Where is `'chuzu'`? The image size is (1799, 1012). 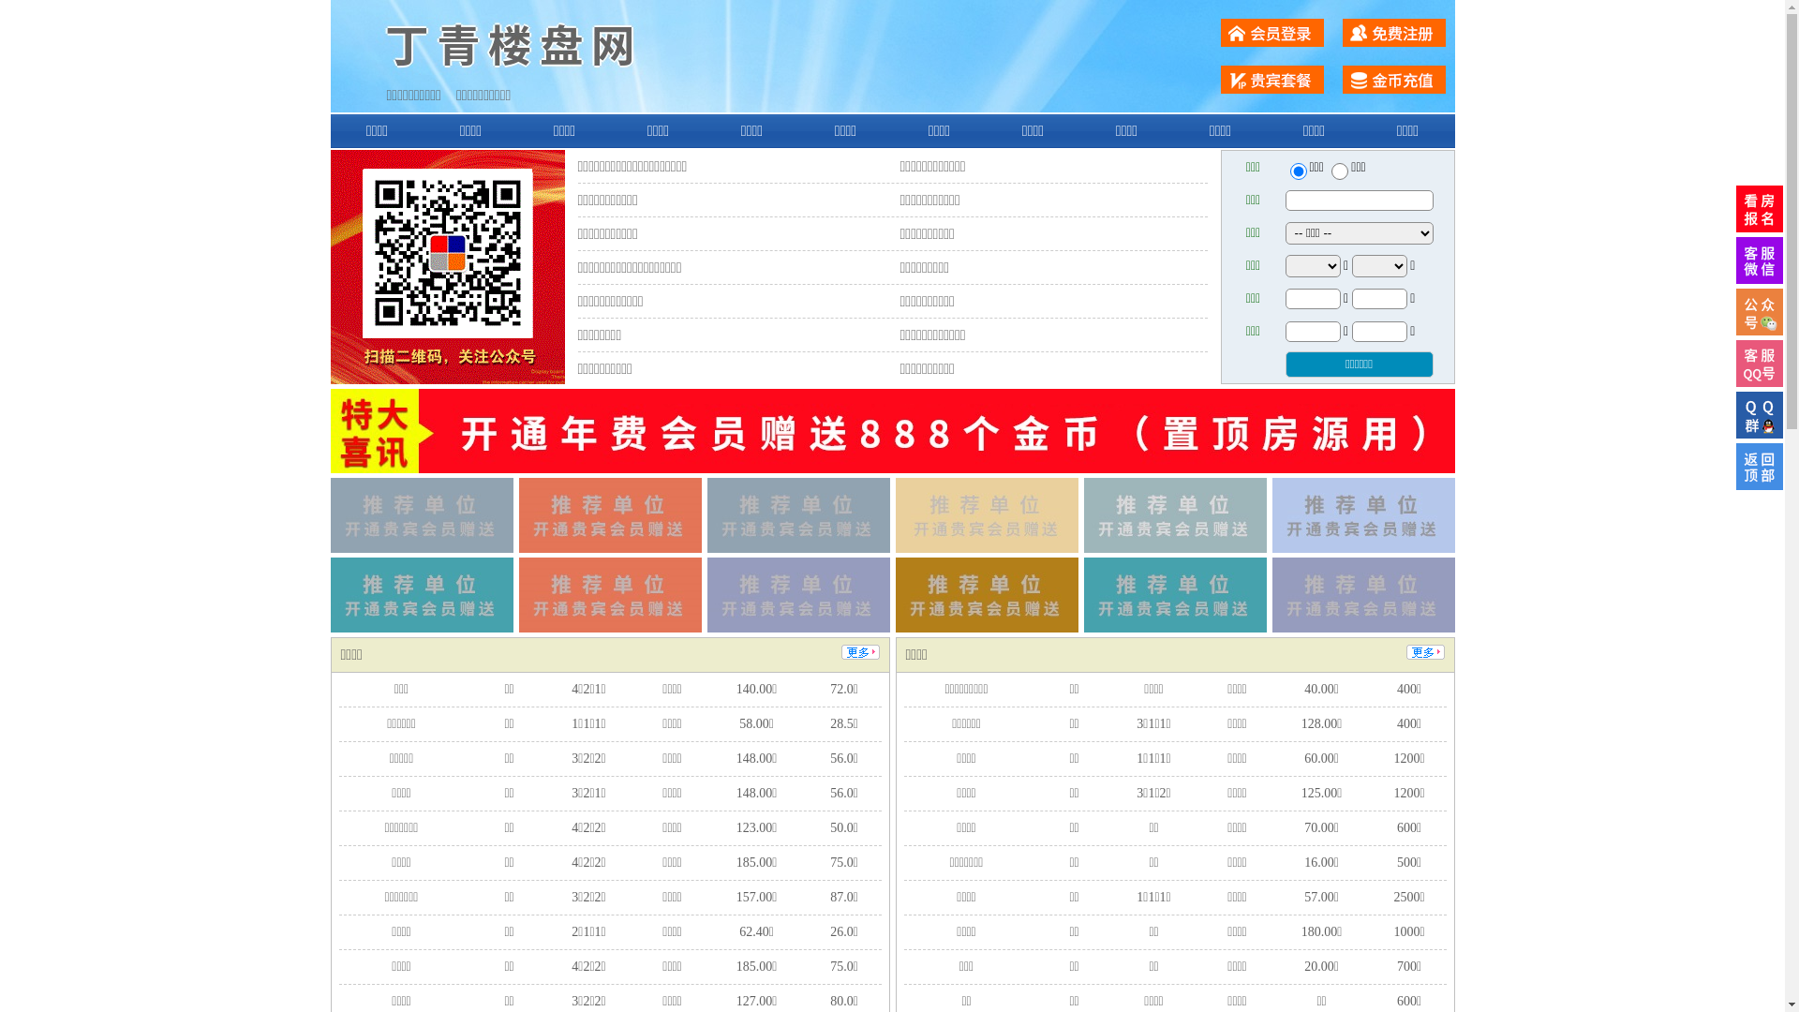 'chuzu' is located at coordinates (1339, 171).